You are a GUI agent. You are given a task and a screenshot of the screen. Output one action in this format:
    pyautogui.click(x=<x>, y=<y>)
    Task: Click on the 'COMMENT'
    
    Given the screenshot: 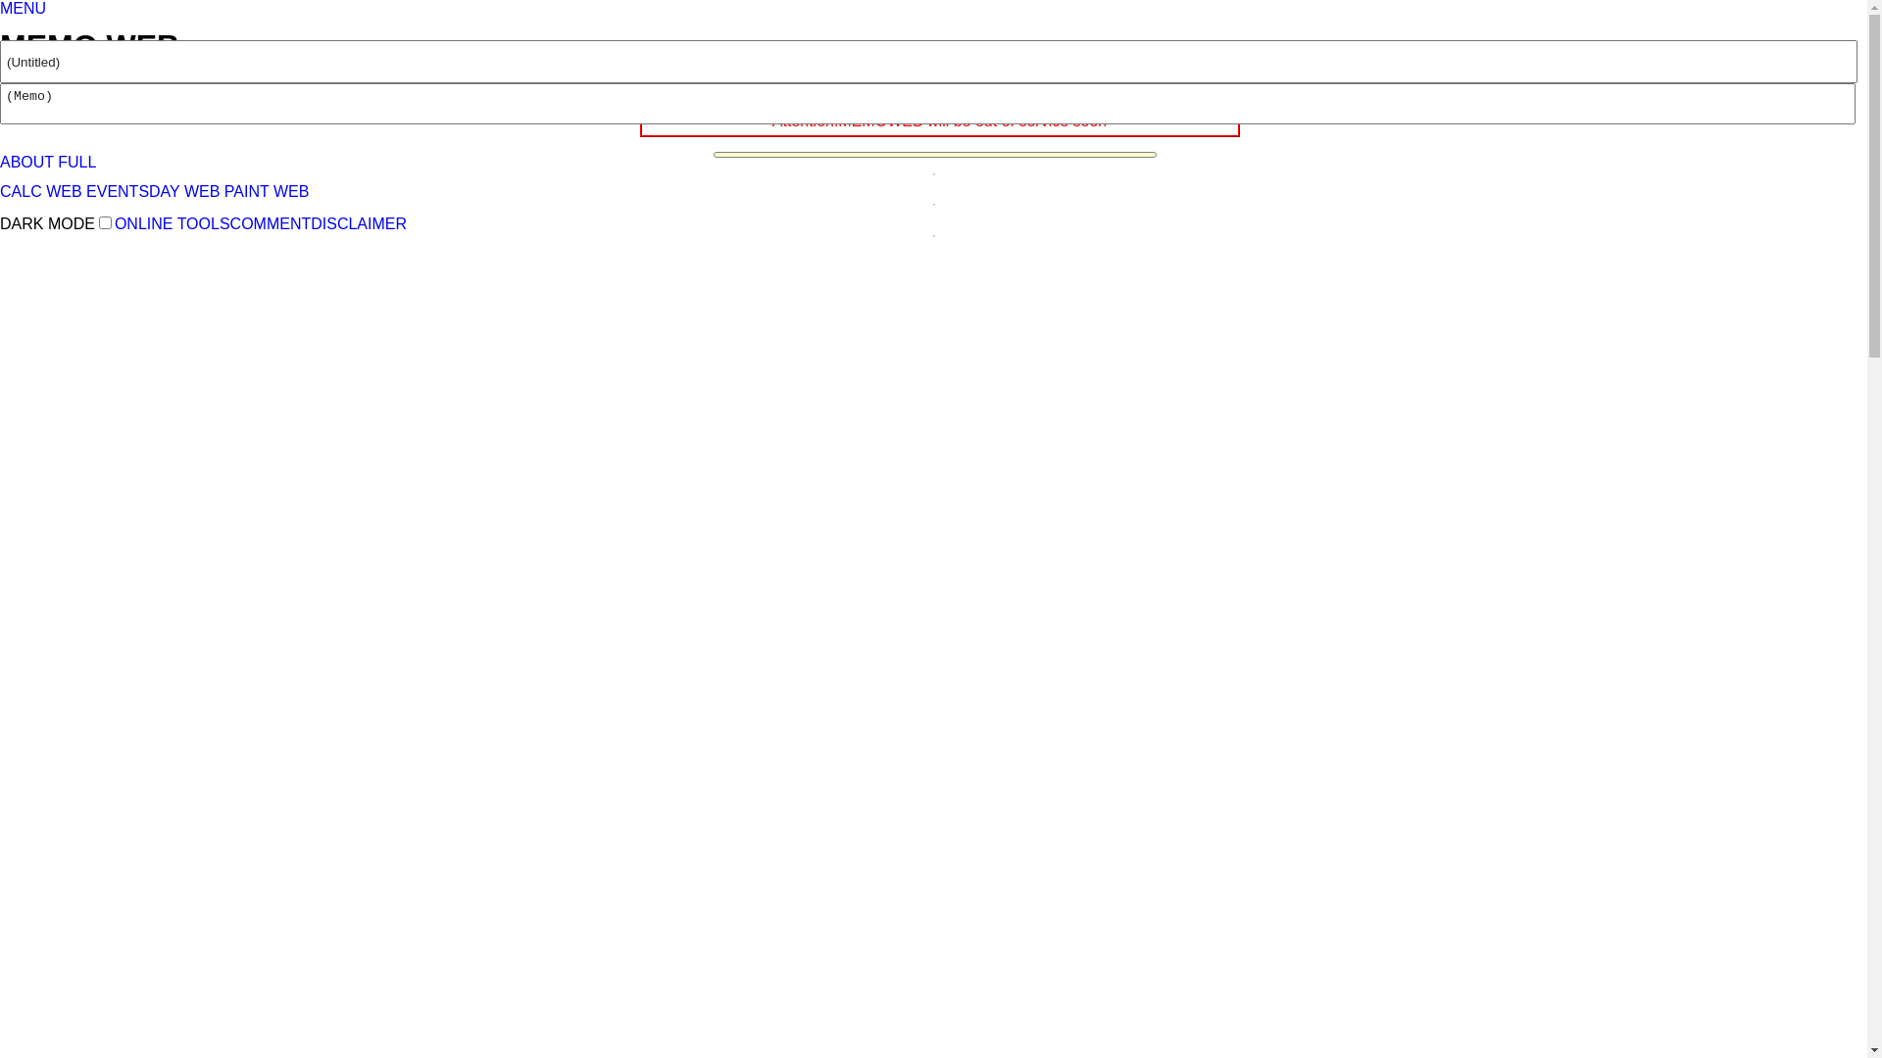 What is the action you would take?
    pyautogui.click(x=230, y=222)
    